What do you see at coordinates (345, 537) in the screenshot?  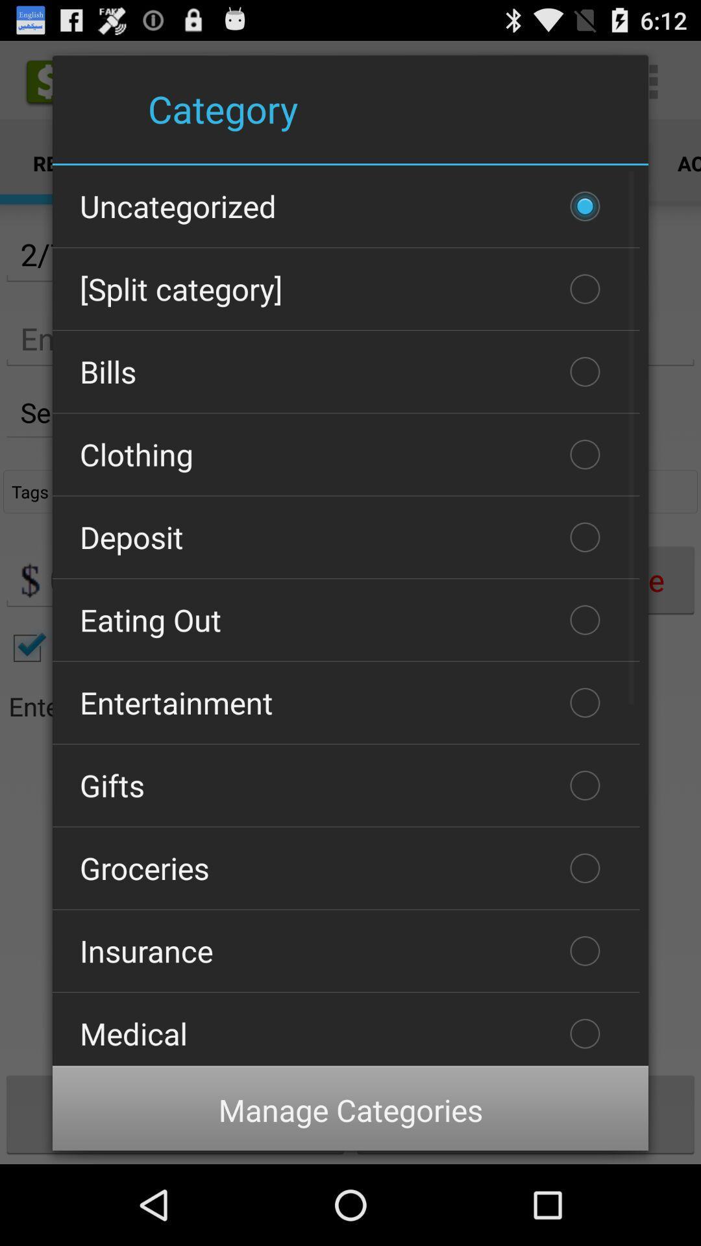 I see `deposit item` at bounding box center [345, 537].